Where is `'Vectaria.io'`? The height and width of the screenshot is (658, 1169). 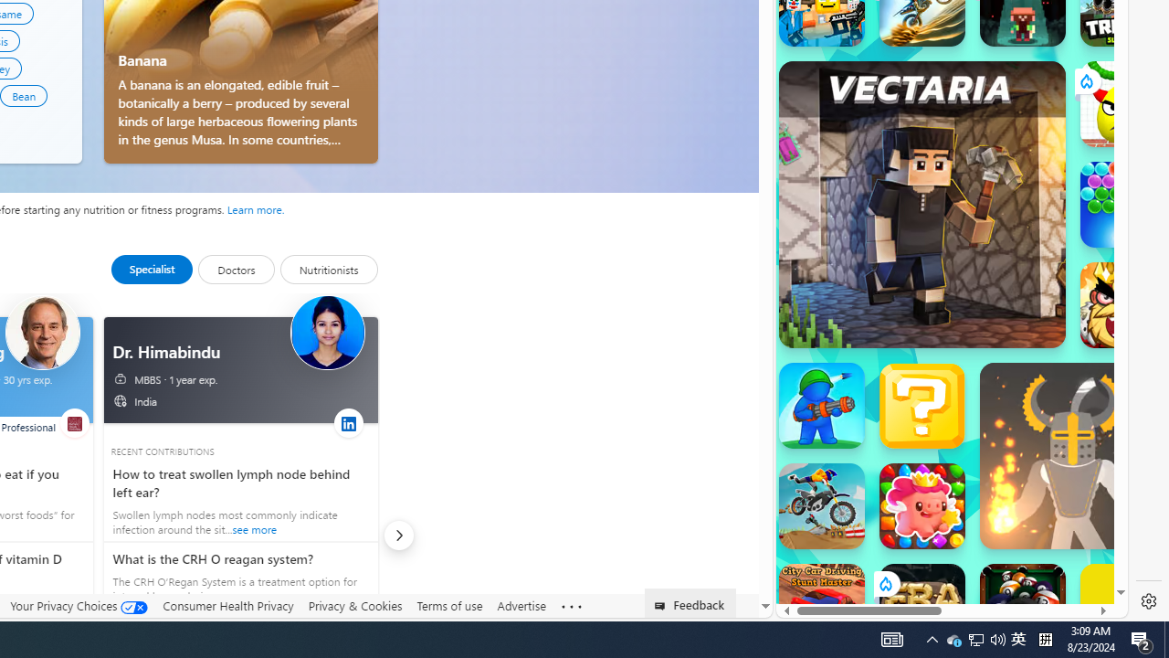 'Vectaria.io' is located at coordinates (922, 204).